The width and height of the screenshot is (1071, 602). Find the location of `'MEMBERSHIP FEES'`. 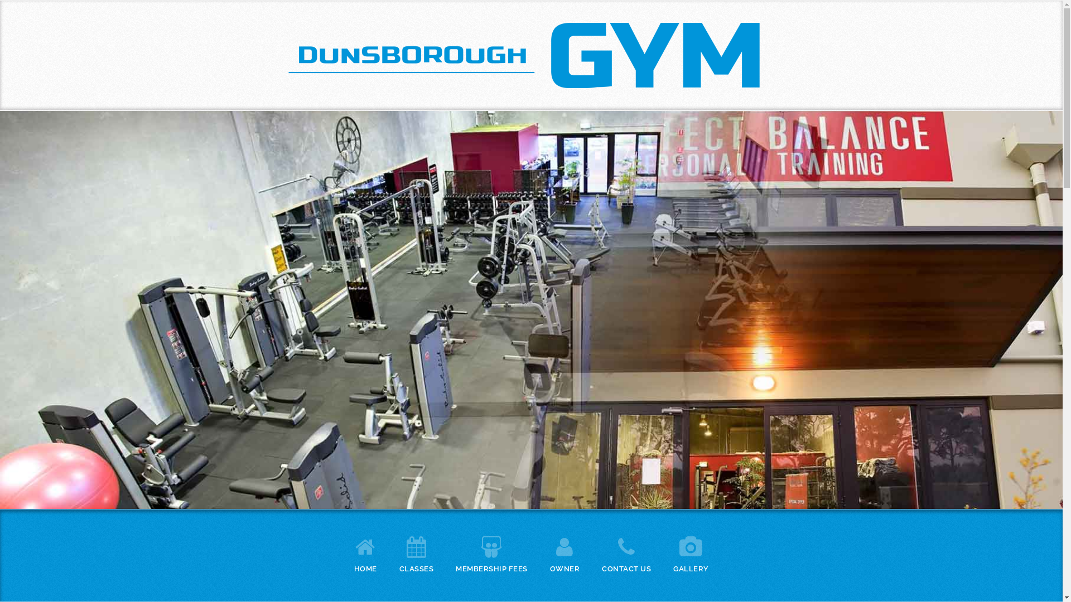

'MEMBERSHIP FEES' is located at coordinates (491, 552).